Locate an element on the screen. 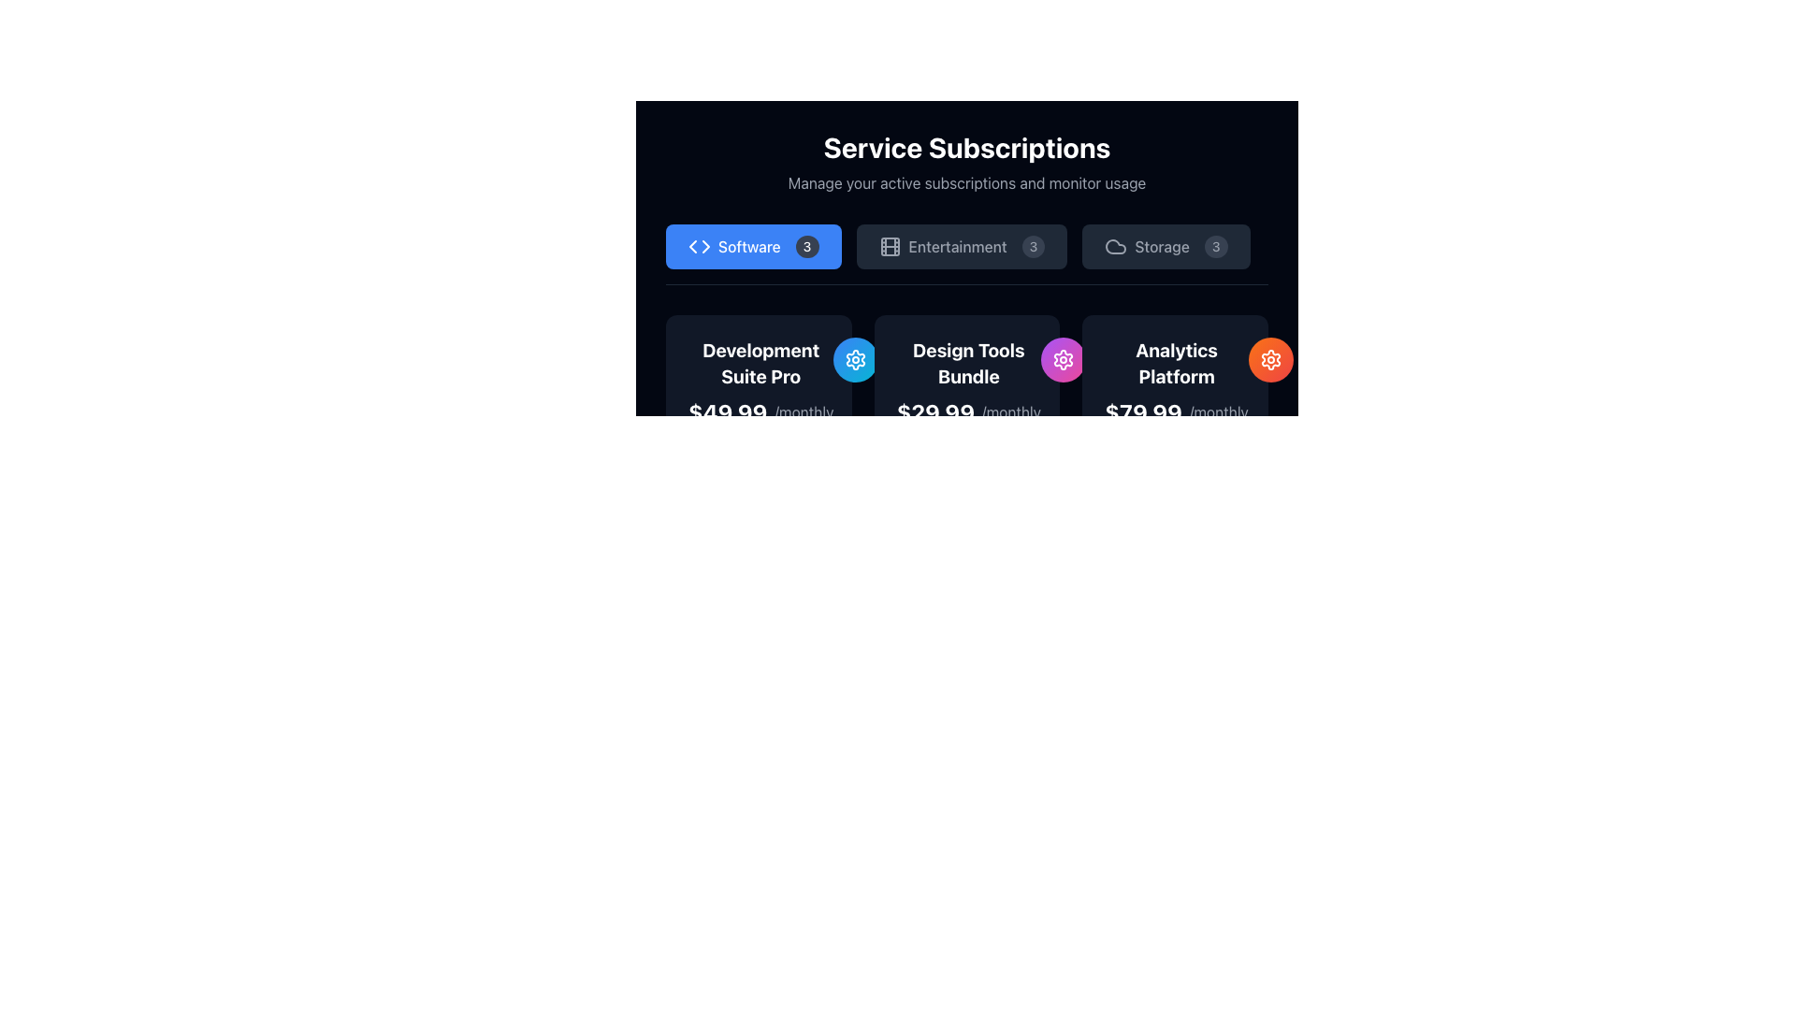 This screenshot has height=1010, width=1796. the settings button located in the 'Design Tools Bundle' section, which is positioned to the right of the pricing details ('$29.99/monthly') is located at coordinates (1064, 360).